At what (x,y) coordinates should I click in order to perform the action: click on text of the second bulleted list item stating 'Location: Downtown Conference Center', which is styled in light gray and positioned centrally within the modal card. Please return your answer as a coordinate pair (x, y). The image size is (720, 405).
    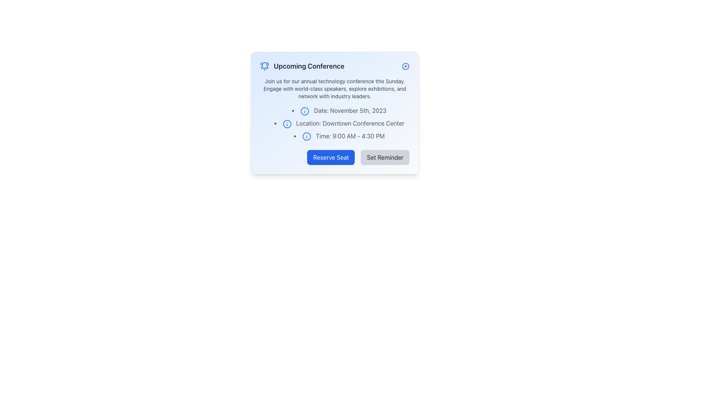
    Looking at the image, I should click on (334, 123).